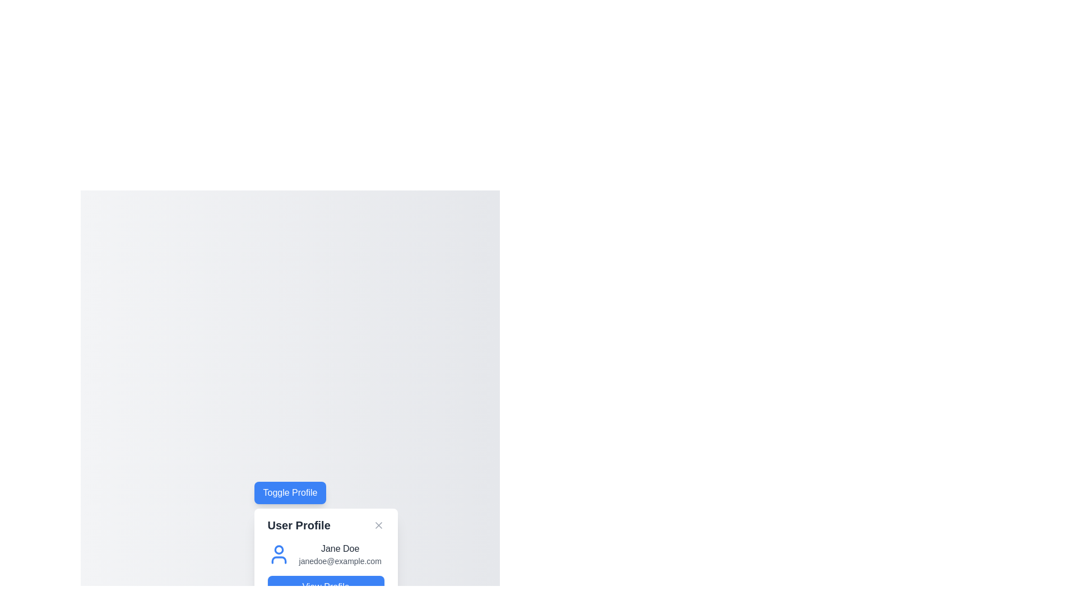  I want to click on the 'View Profile' button, which is a rectangular button with rounded corners and a blue background located at the bottom-right corner of the card interface, so click(325, 587).